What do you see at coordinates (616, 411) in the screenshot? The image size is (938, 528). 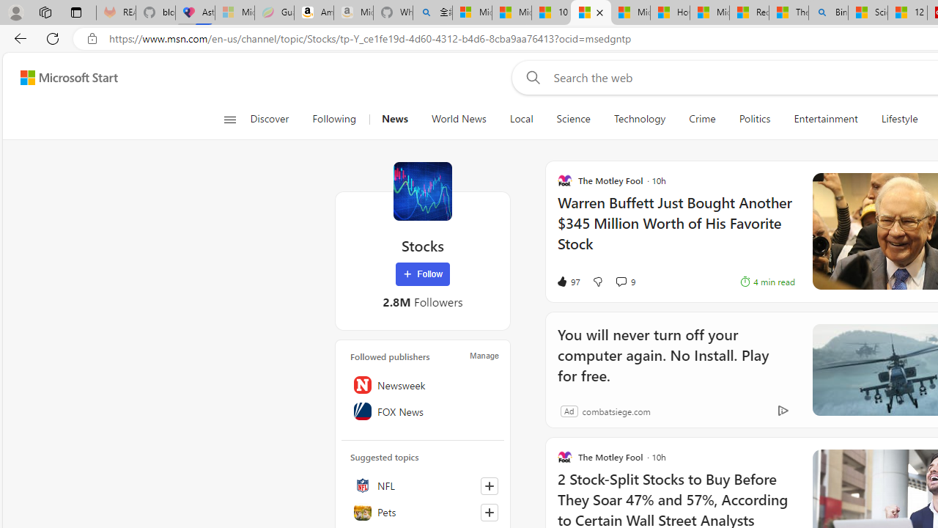 I see `'combatsiege.com'` at bounding box center [616, 411].